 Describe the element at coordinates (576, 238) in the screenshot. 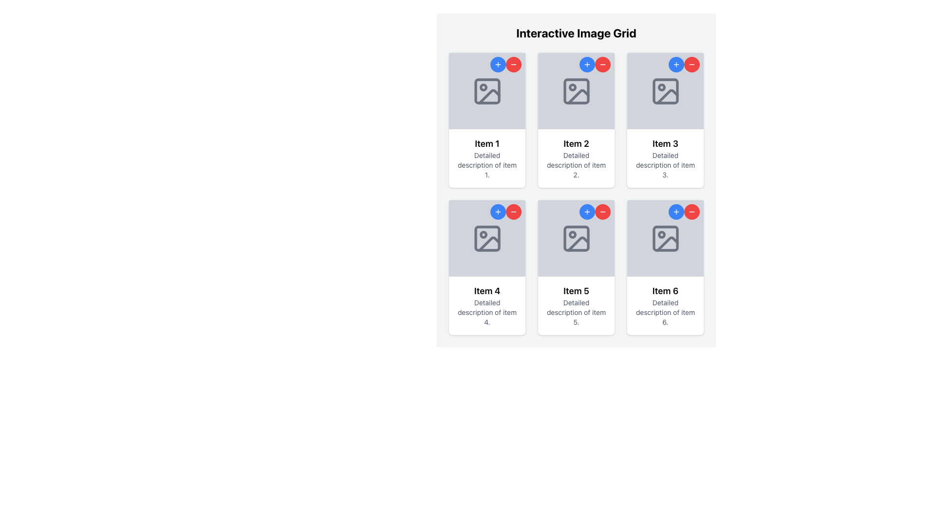

I see `the Image Placeholder located in the Interactive Image Grid, specifically in the second row and second column, featuring a light gray background and an image icon` at that location.